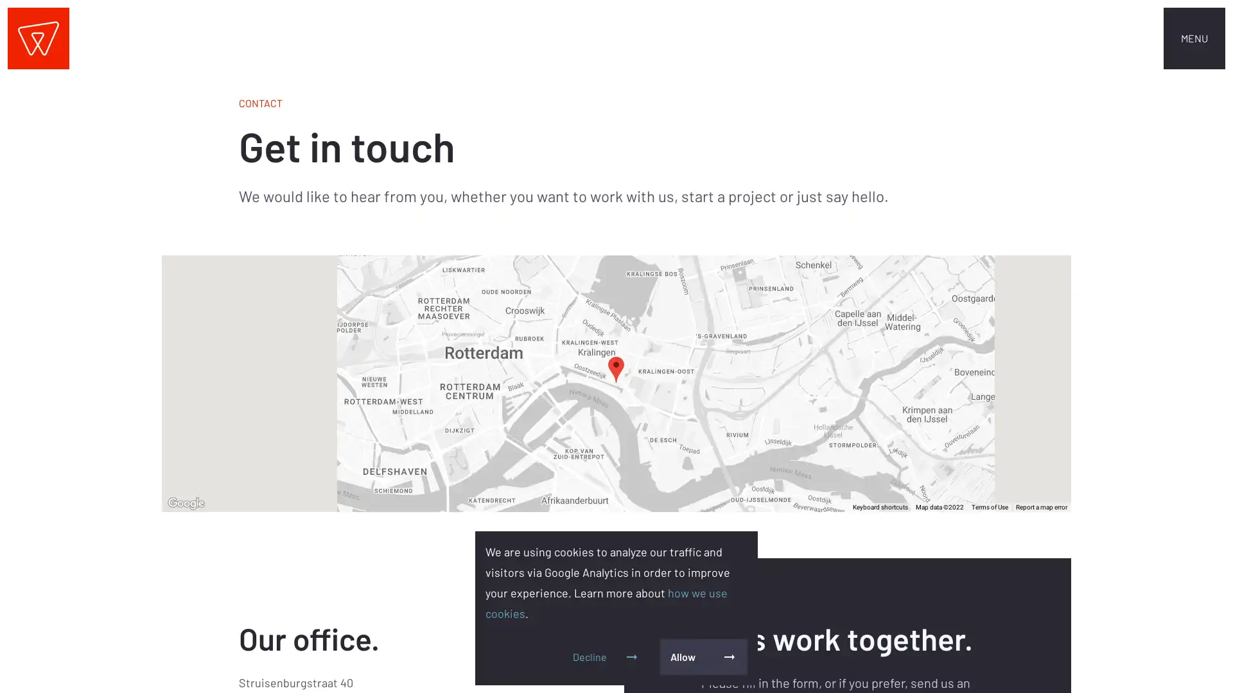 This screenshot has width=1233, height=693. What do you see at coordinates (703, 656) in the screenshot?
I see `Allow` at bounding box center [703, 656].